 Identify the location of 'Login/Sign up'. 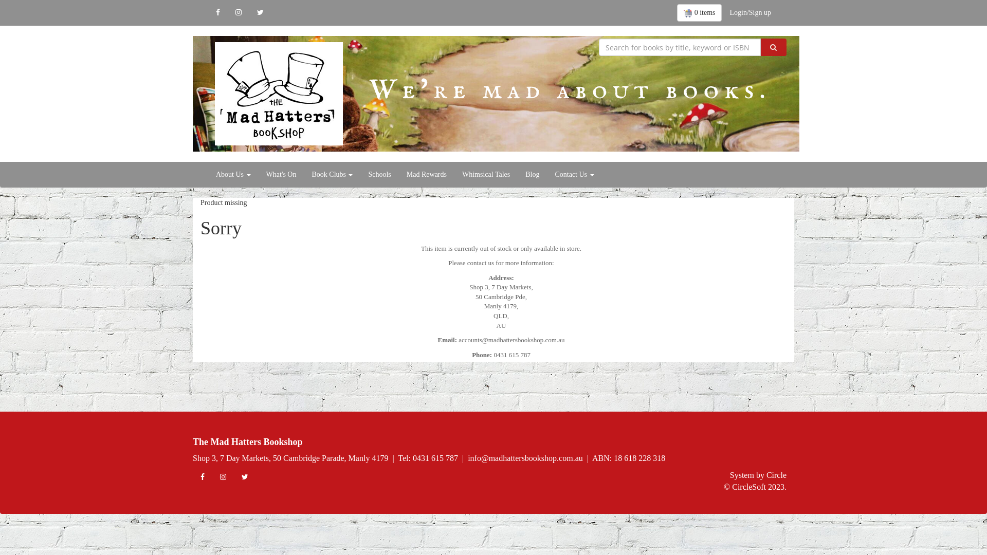
(750, 12).